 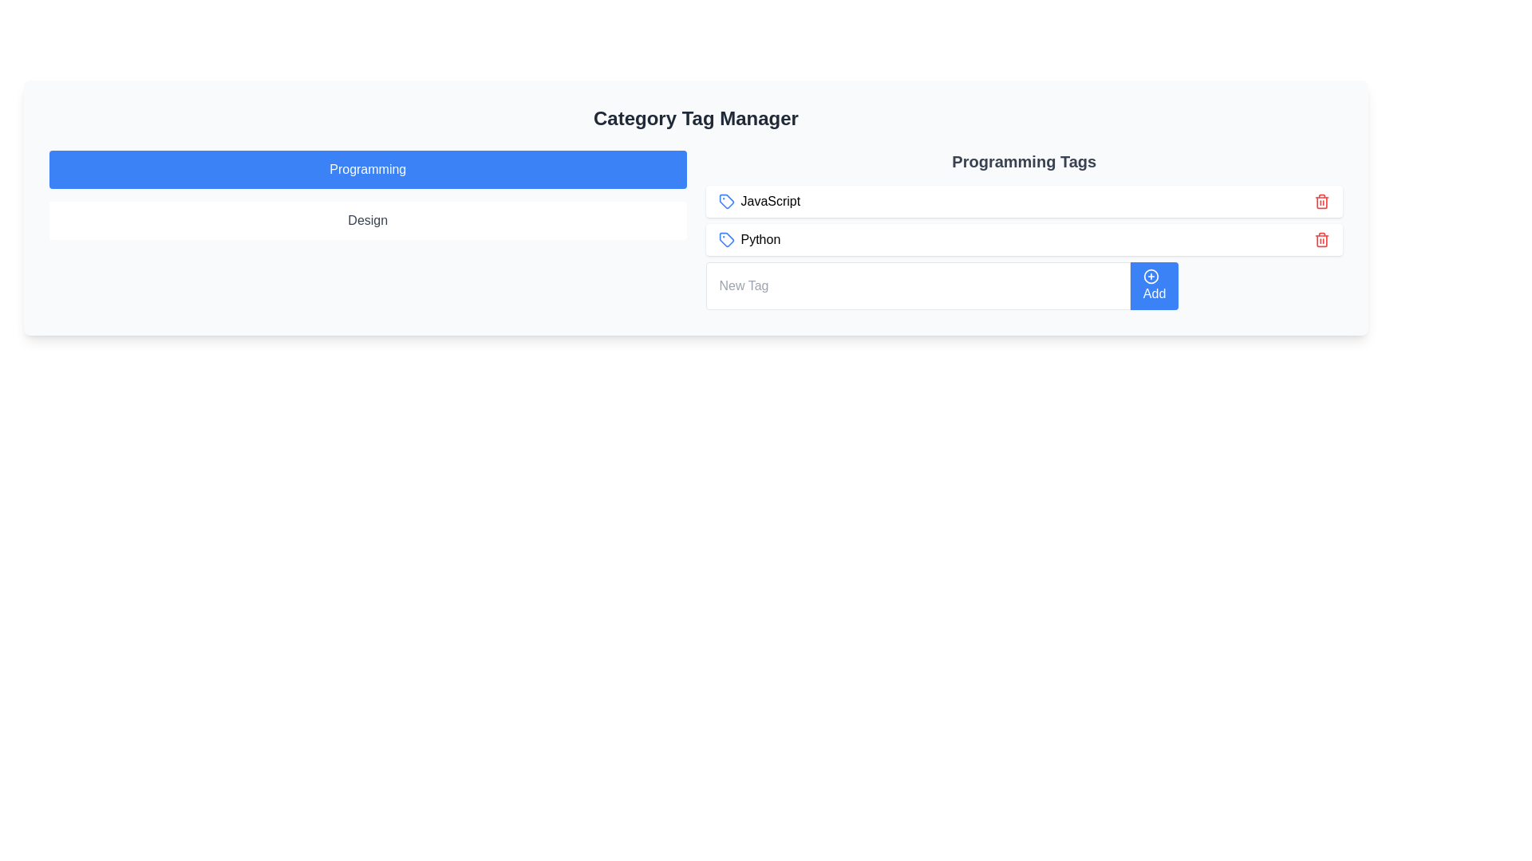 What do you see at coordinates (1151, 276) in the screenshot?
I see `the circular icon within the SVG element, which is located to the right of the 'New Tag' text input field and adjacent to the 'Add' button` at bounding box center [1151, 276].